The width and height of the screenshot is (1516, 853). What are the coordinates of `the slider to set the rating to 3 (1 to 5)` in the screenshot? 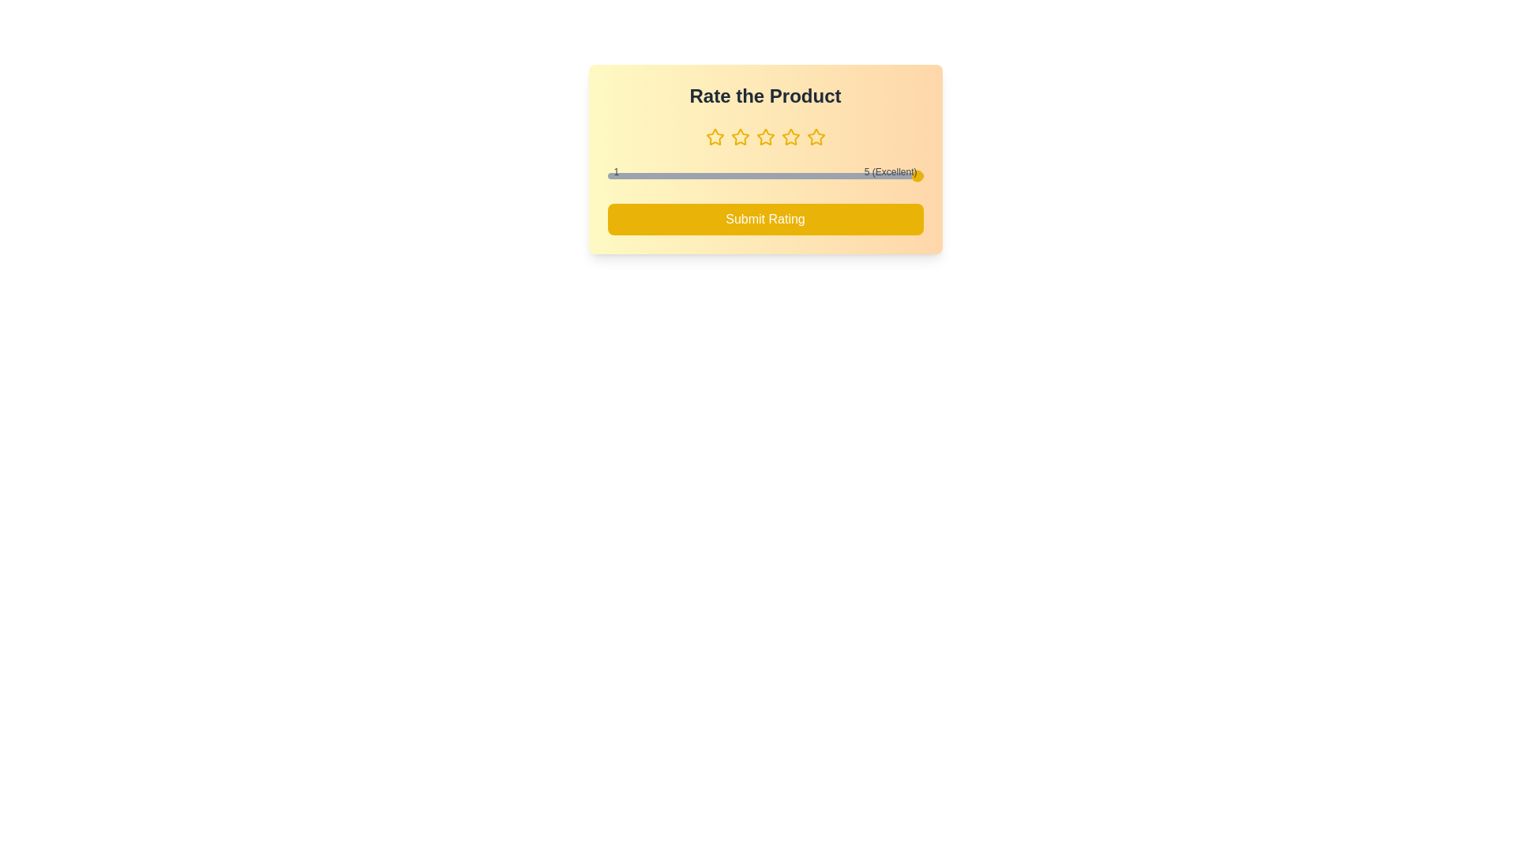 It's located at (765, 176).